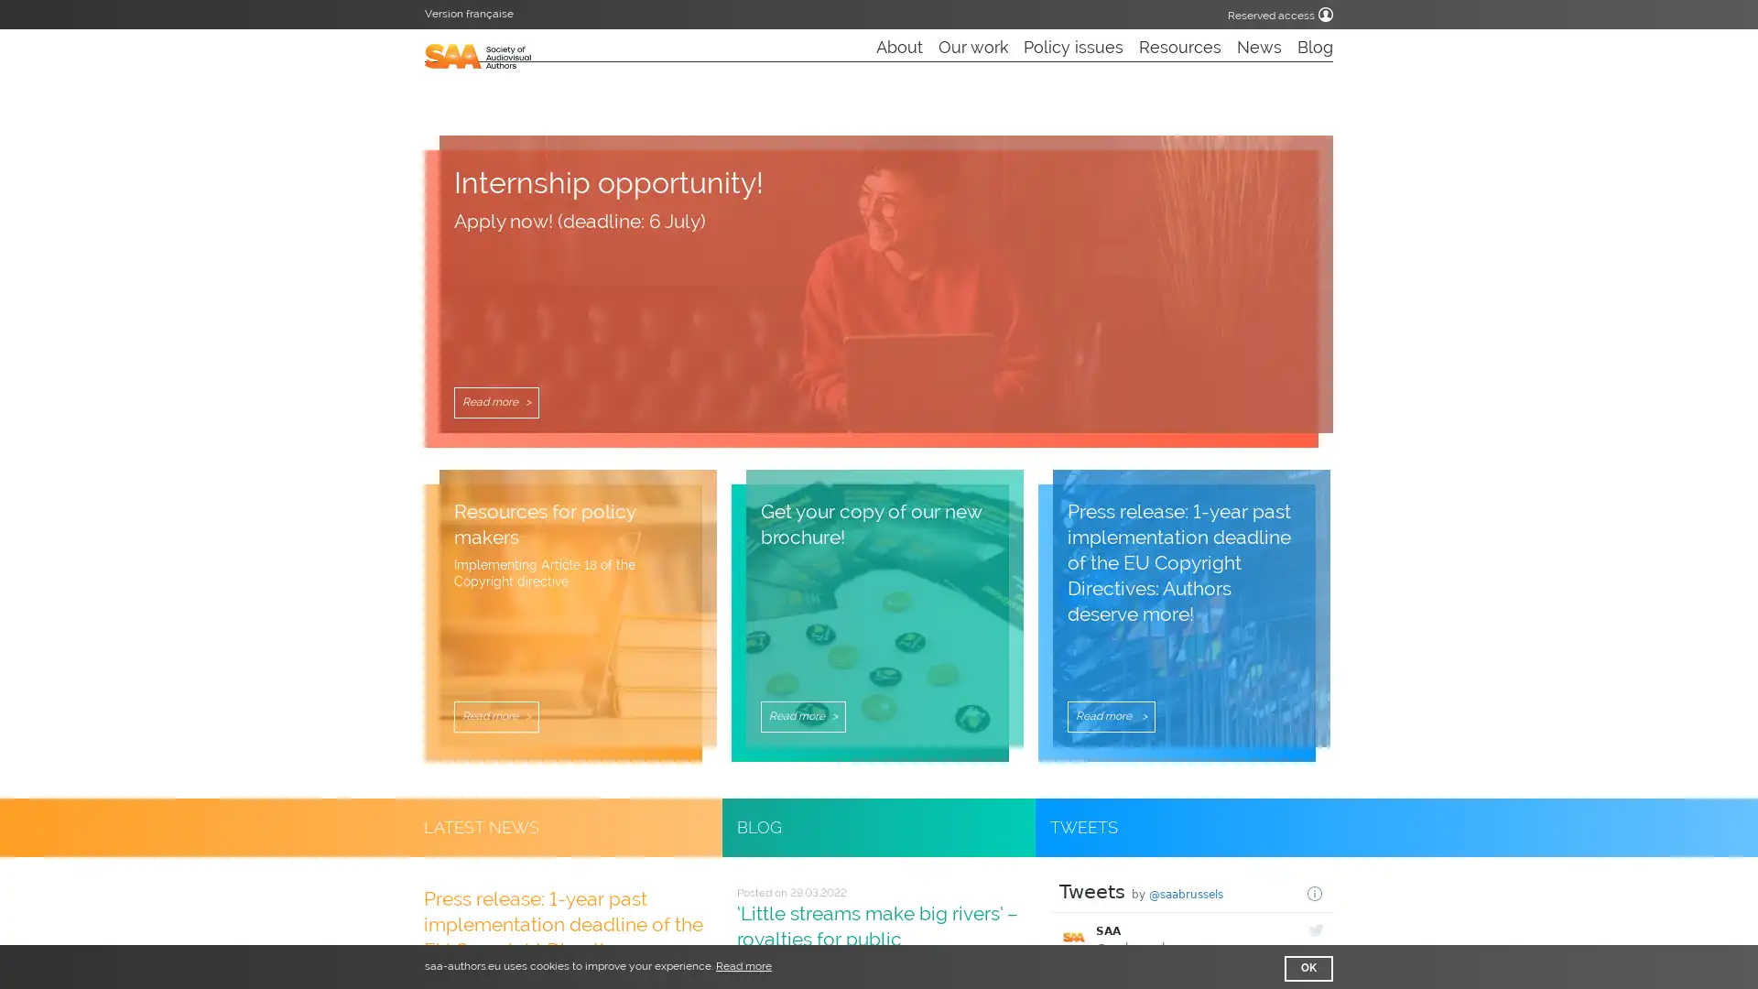 The image size is (1758, 989). I want to click on dismiss cookie message, so click(1307, 967).